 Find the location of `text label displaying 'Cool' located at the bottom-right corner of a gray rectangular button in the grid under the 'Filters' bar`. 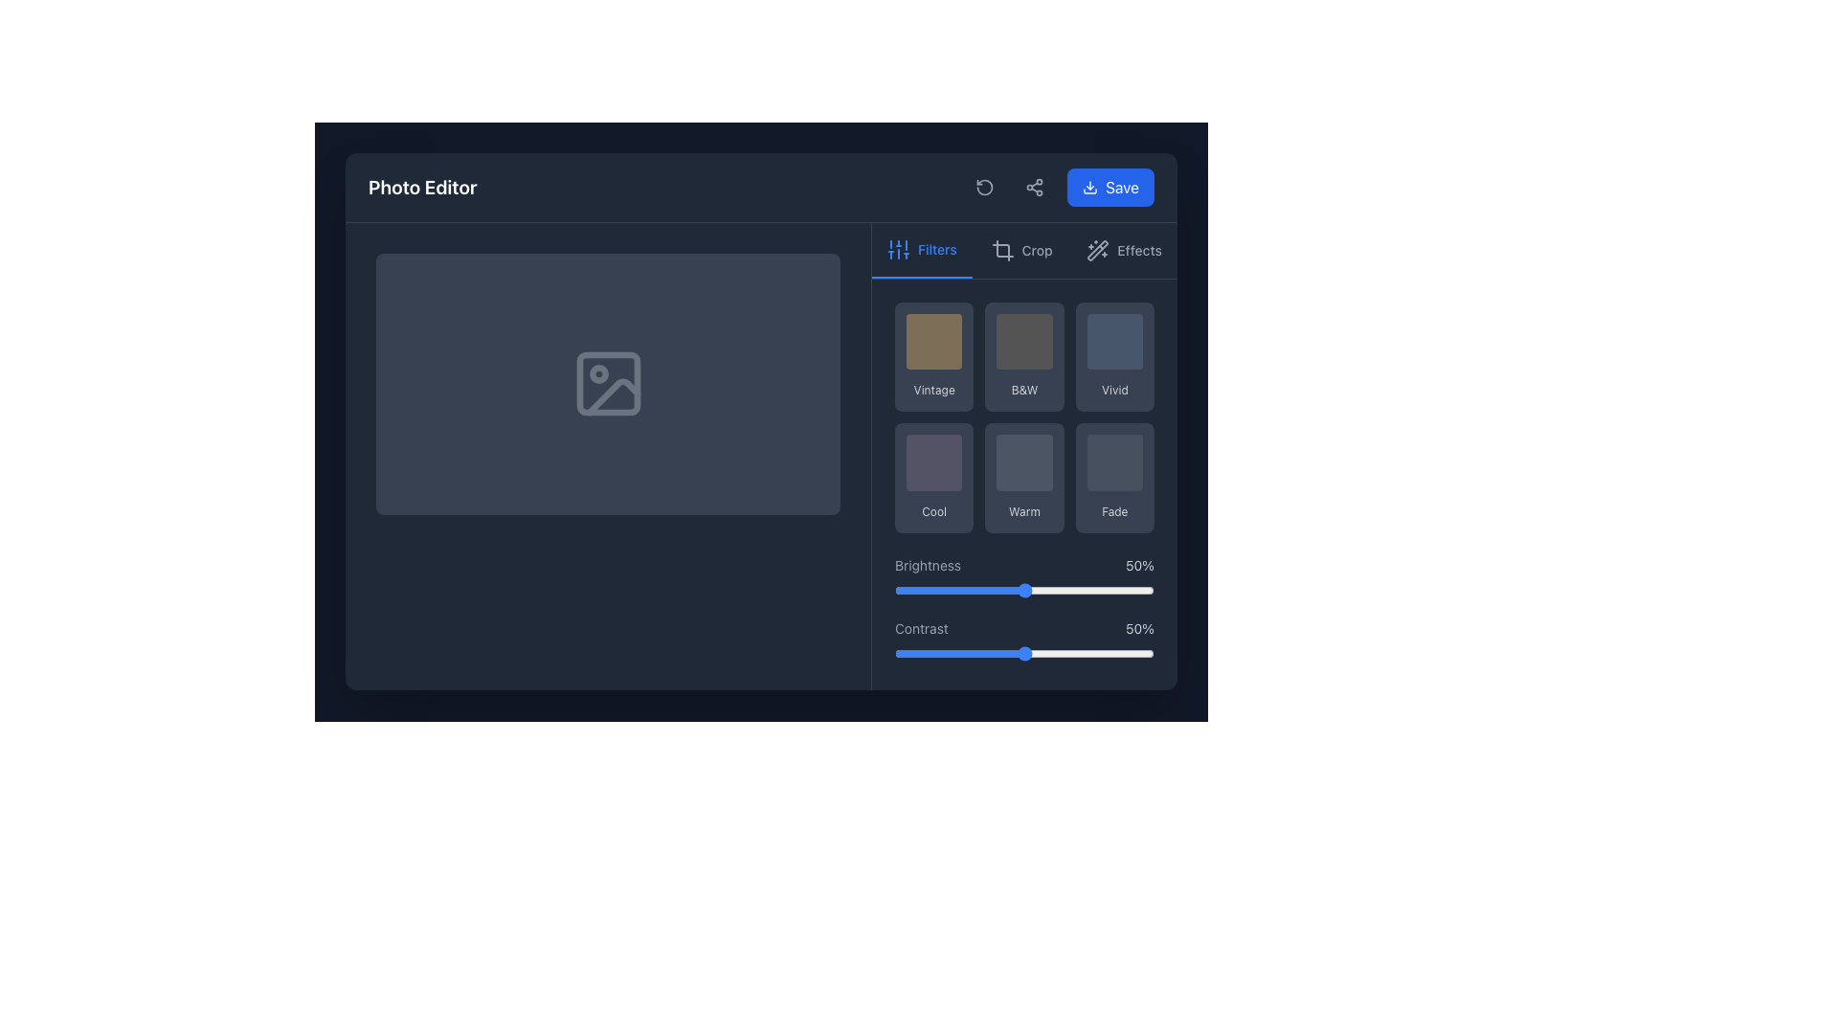

text label displaying 'Cool' located at the bottom-right corner of a gray rectangular button in the grid under the 'Filters' bar is located at coordinates (934, 510).